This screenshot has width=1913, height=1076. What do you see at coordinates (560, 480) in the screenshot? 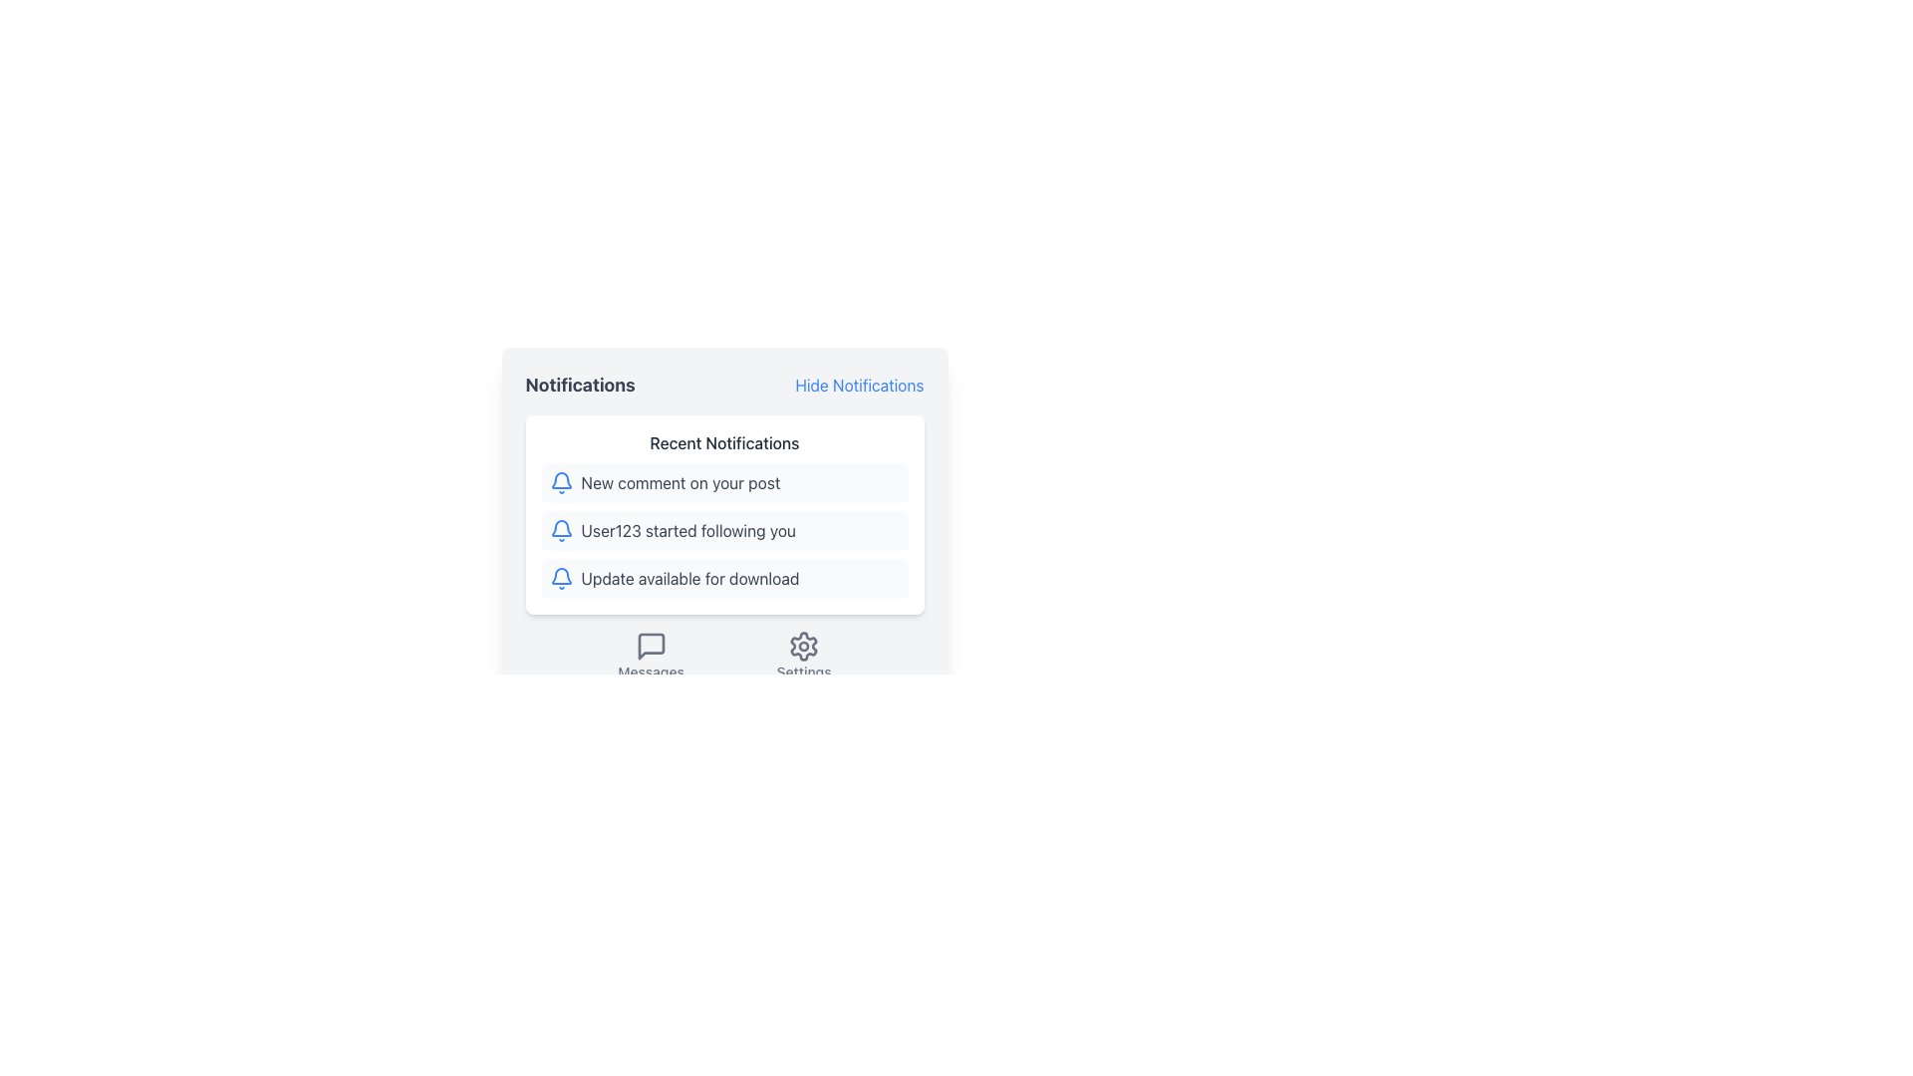
I see `the blue-stroke outline bell icon located centrally near the top of the notification panel, which indicates the notification feature` at bounding box center [560, 480].